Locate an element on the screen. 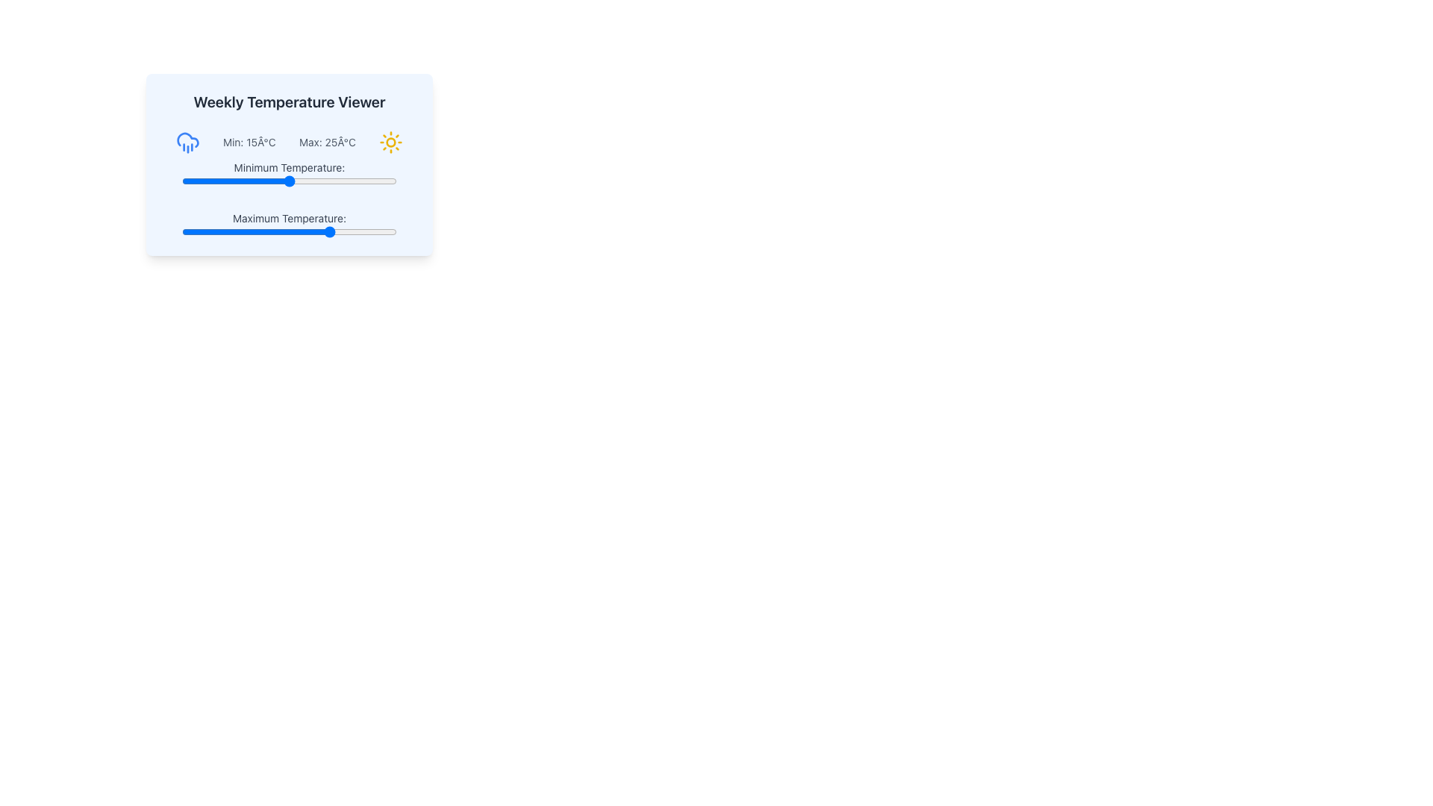 This screenshot has height=806, width=1433. the minimum temperature is located at coordinates (281, 181).